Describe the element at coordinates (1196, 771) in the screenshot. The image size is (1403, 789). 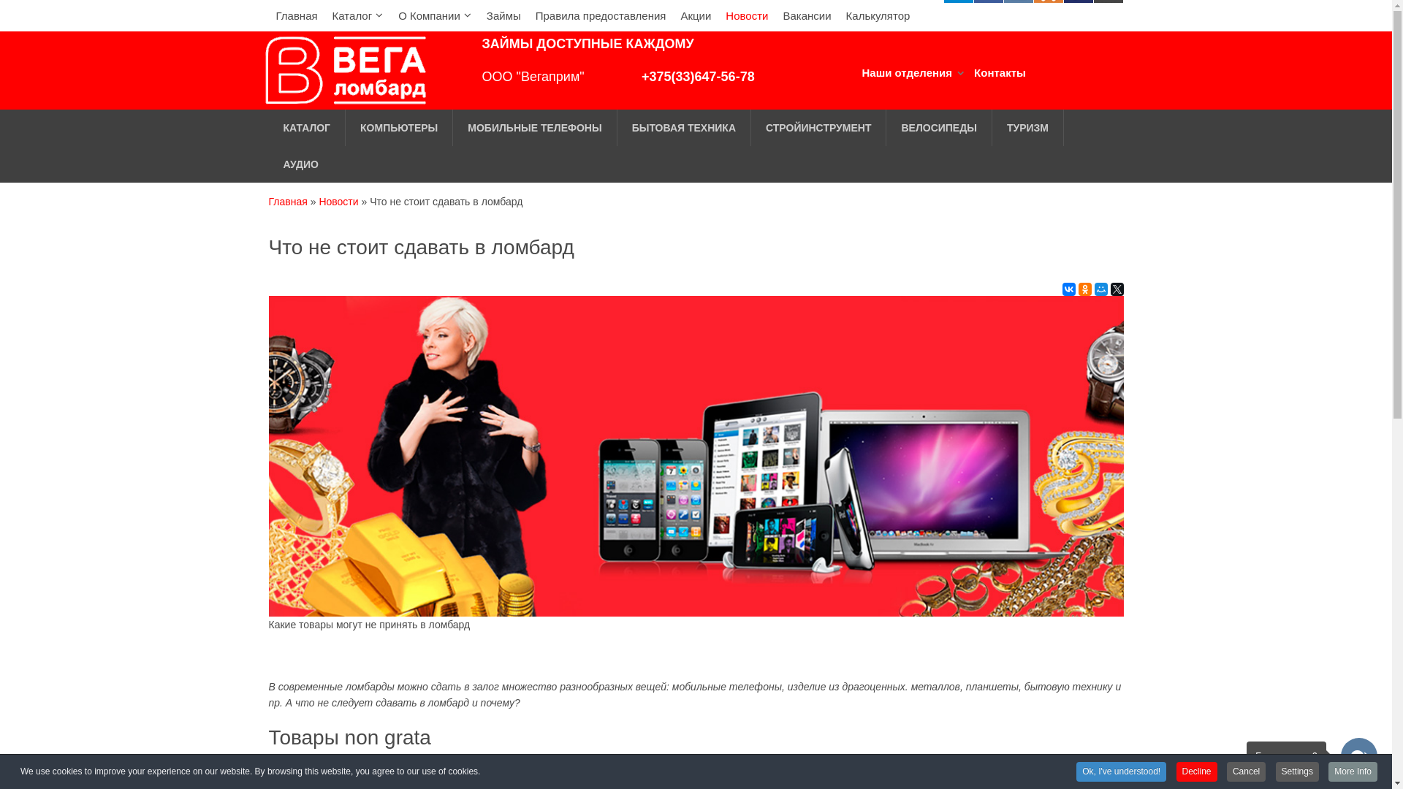
I see `'Decline'` at that location.